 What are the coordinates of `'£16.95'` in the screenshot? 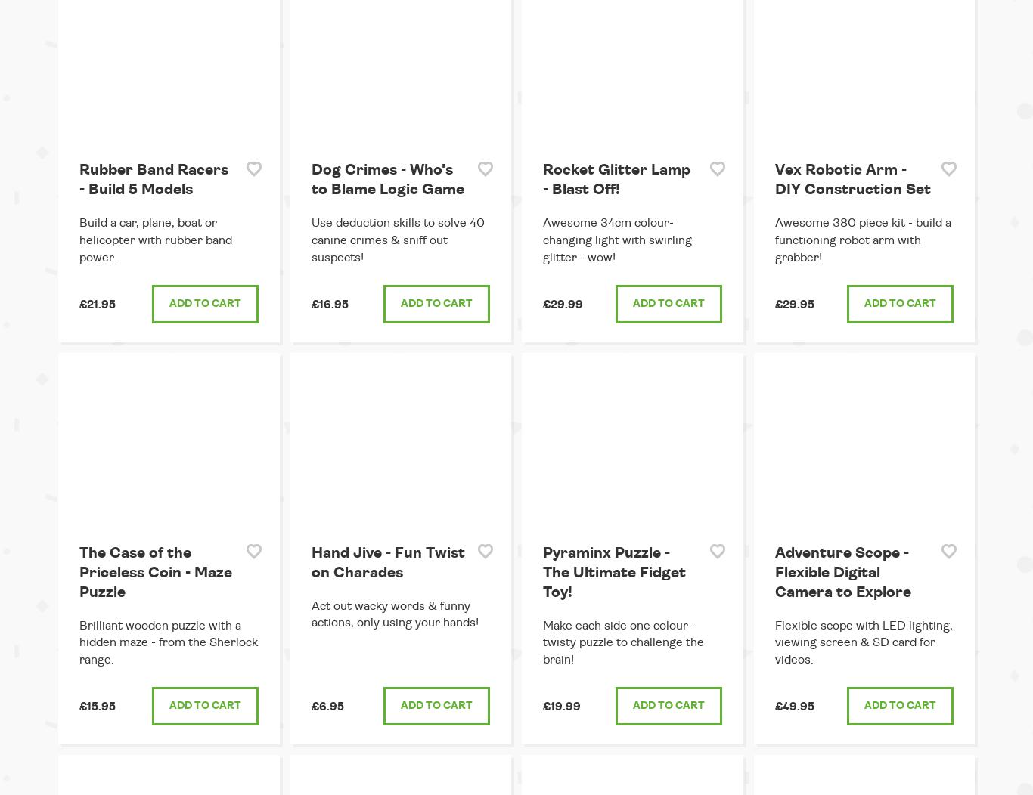 It's located at (310, 303).